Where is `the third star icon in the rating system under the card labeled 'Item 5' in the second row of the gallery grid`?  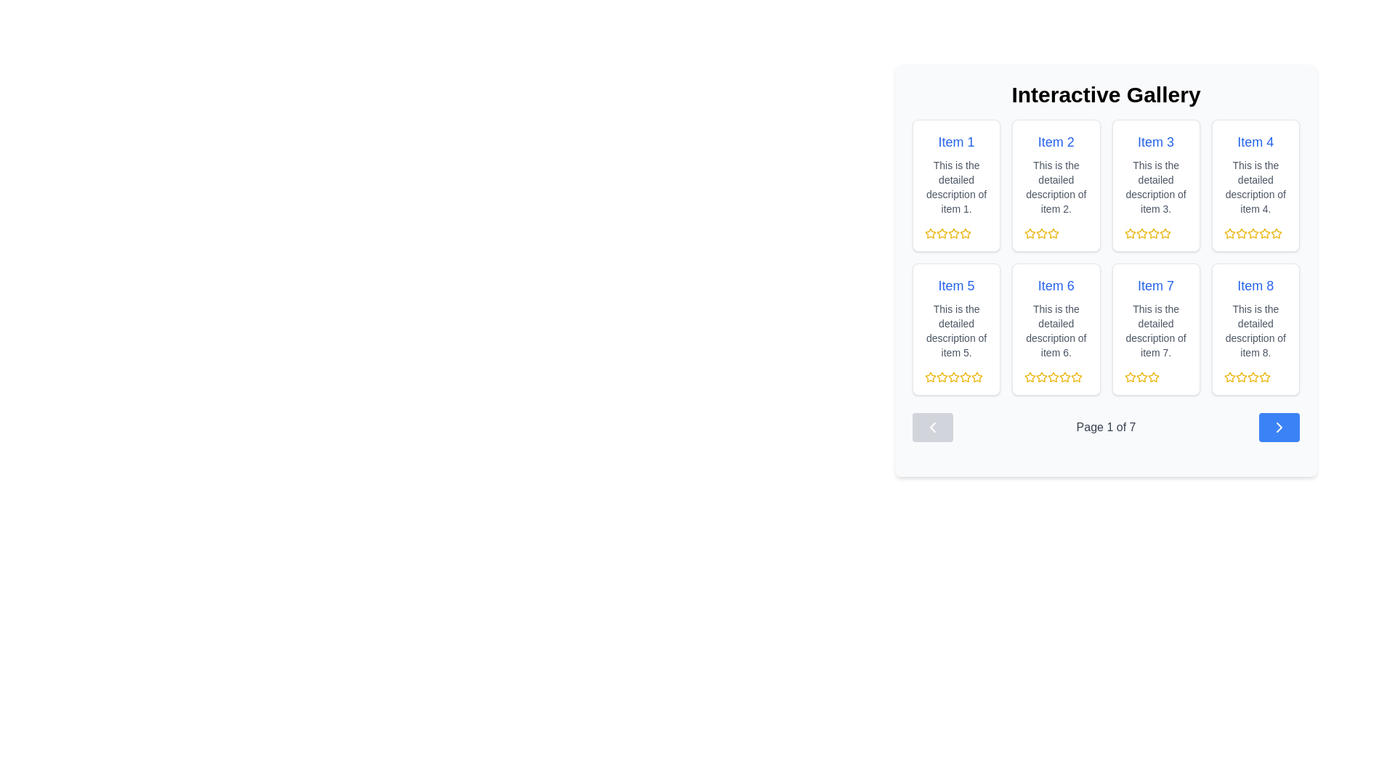 the third star icon in the rating system under the card labeled 'Item 5' in the second row of the gallery grid is located at coordinates (942, 377).